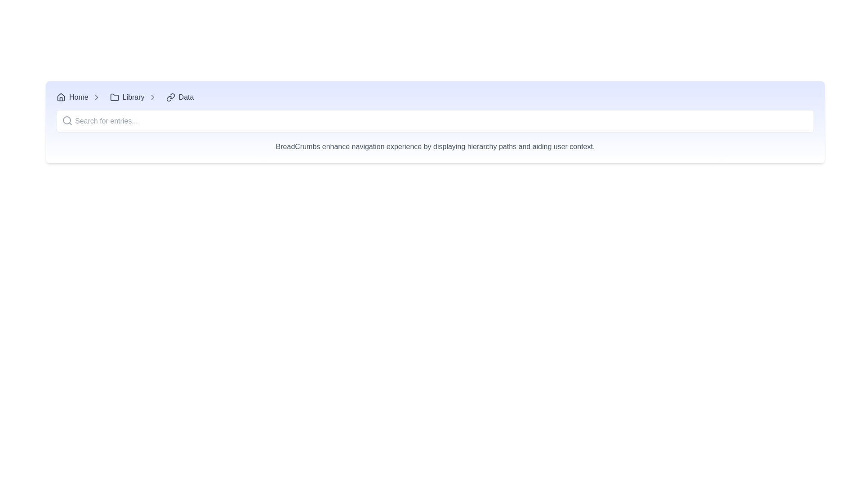 This screenshot has height=485, width=863. Describe the element at coordinates (80, 97) in the screenshot. I see `the 'Home' breadcrumb navigation link, which is the first item` at that location.